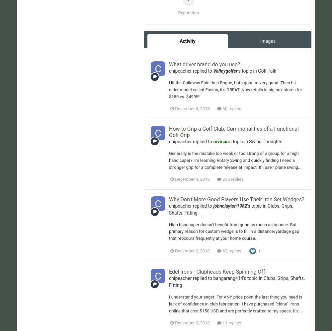 The width and height of the screenshot is (332, 331). Describe the element at coordinates (181, 46) in the screenshot. I see `'distance'` at that location.